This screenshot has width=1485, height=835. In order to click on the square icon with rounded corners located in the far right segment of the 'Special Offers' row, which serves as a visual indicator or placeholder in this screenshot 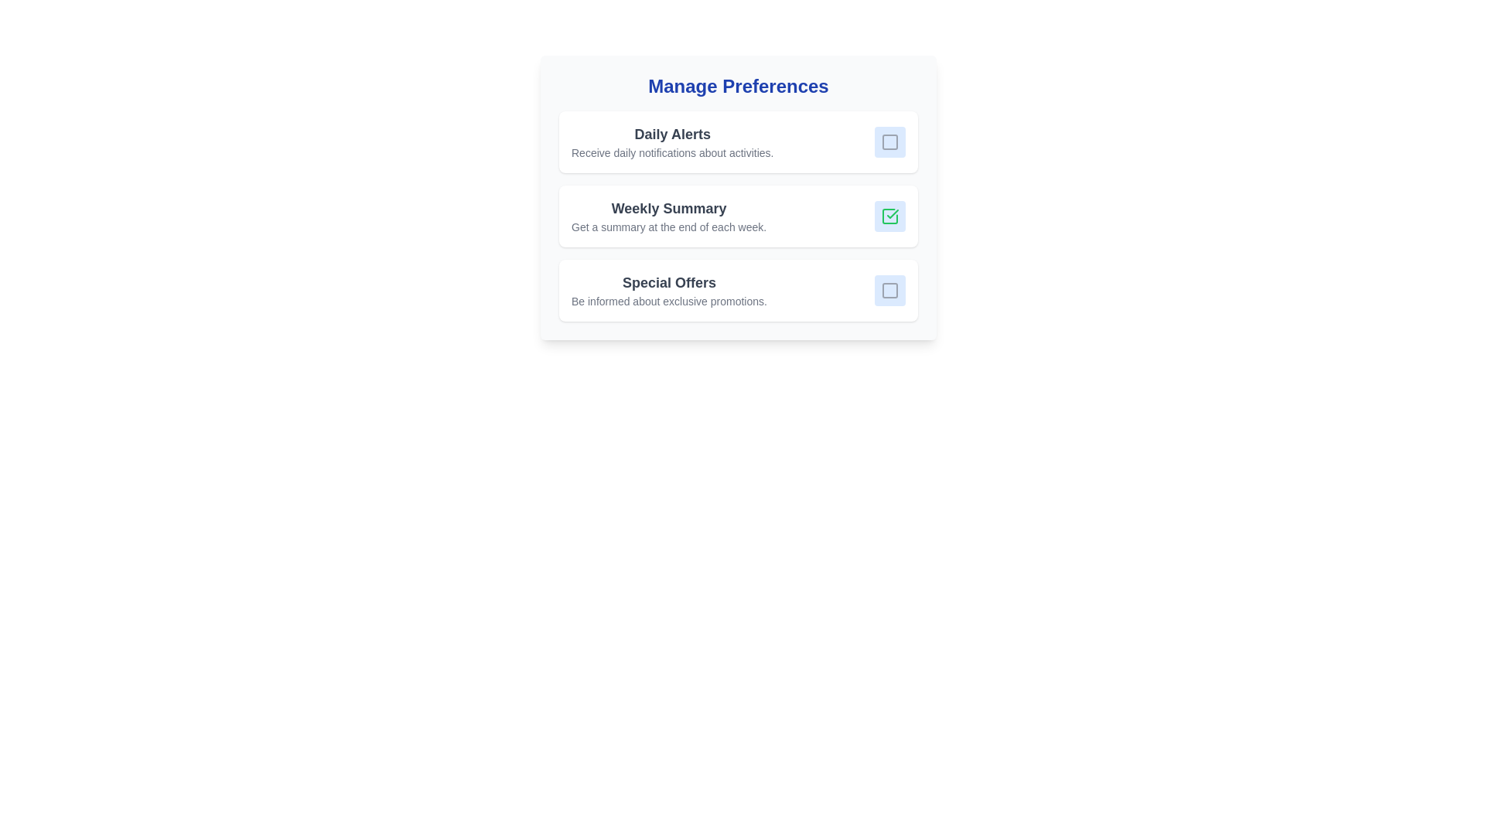, I will do `click(890, 290)`.